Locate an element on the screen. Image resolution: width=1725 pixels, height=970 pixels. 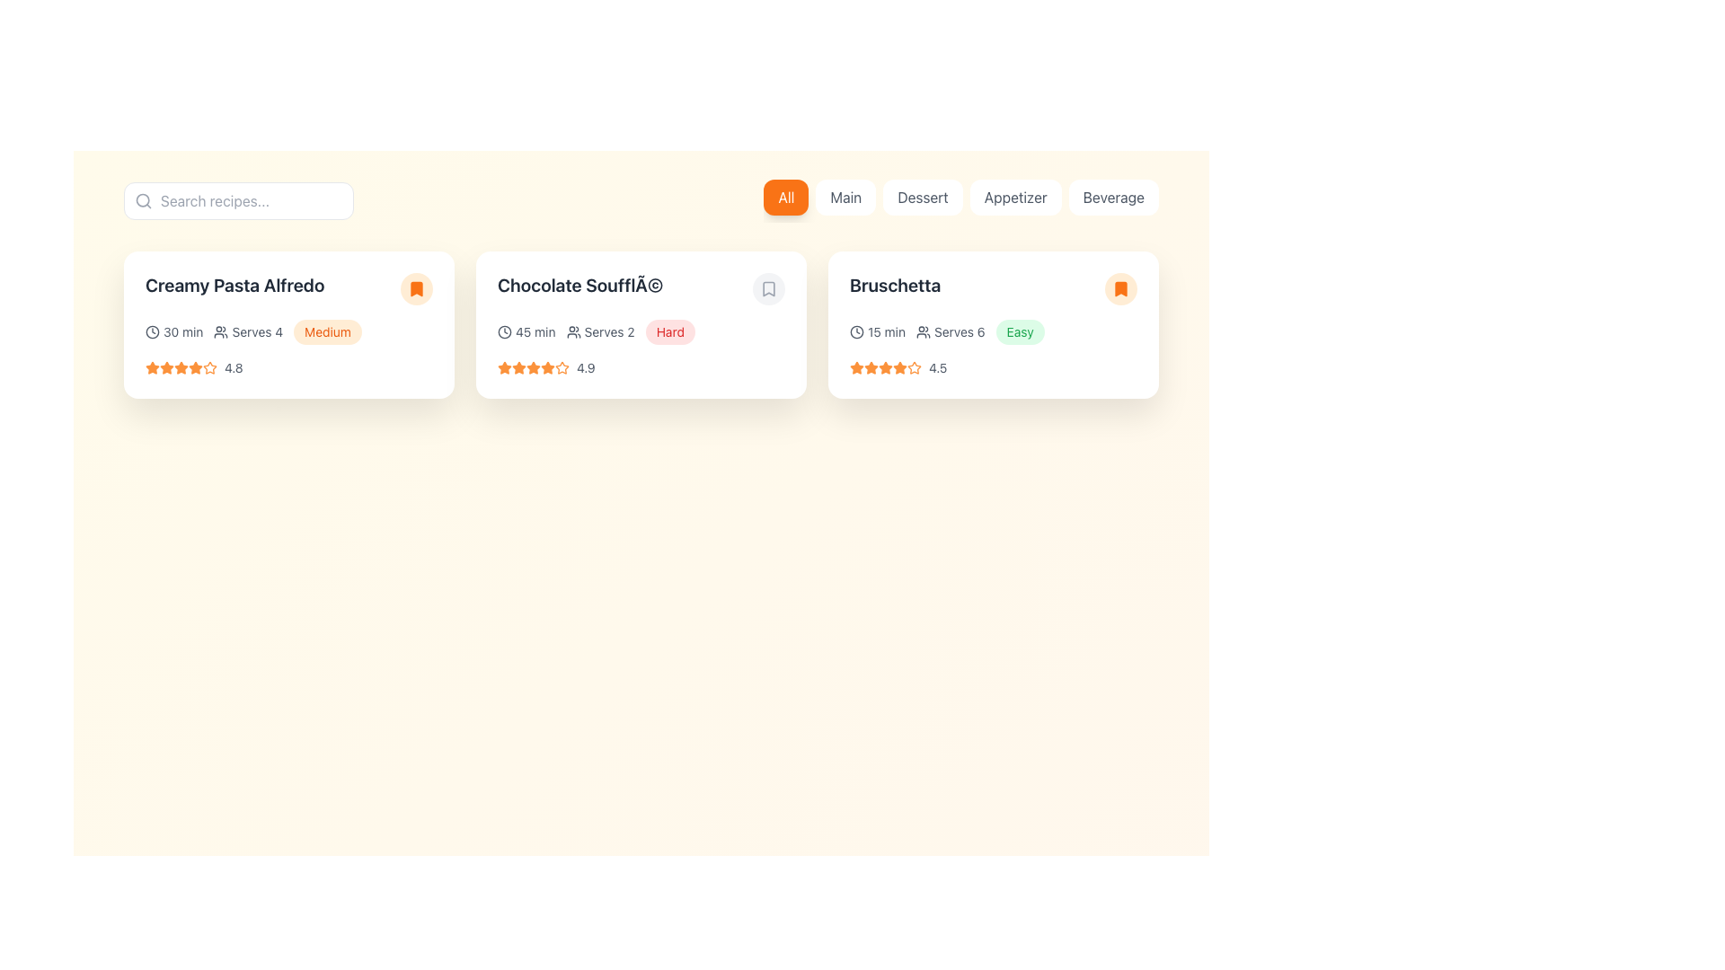
the third orange star icon in the rating system for the 'Creamy Pasta Alfredo' card to interact with the rating value is located at coordinates (181, 366).